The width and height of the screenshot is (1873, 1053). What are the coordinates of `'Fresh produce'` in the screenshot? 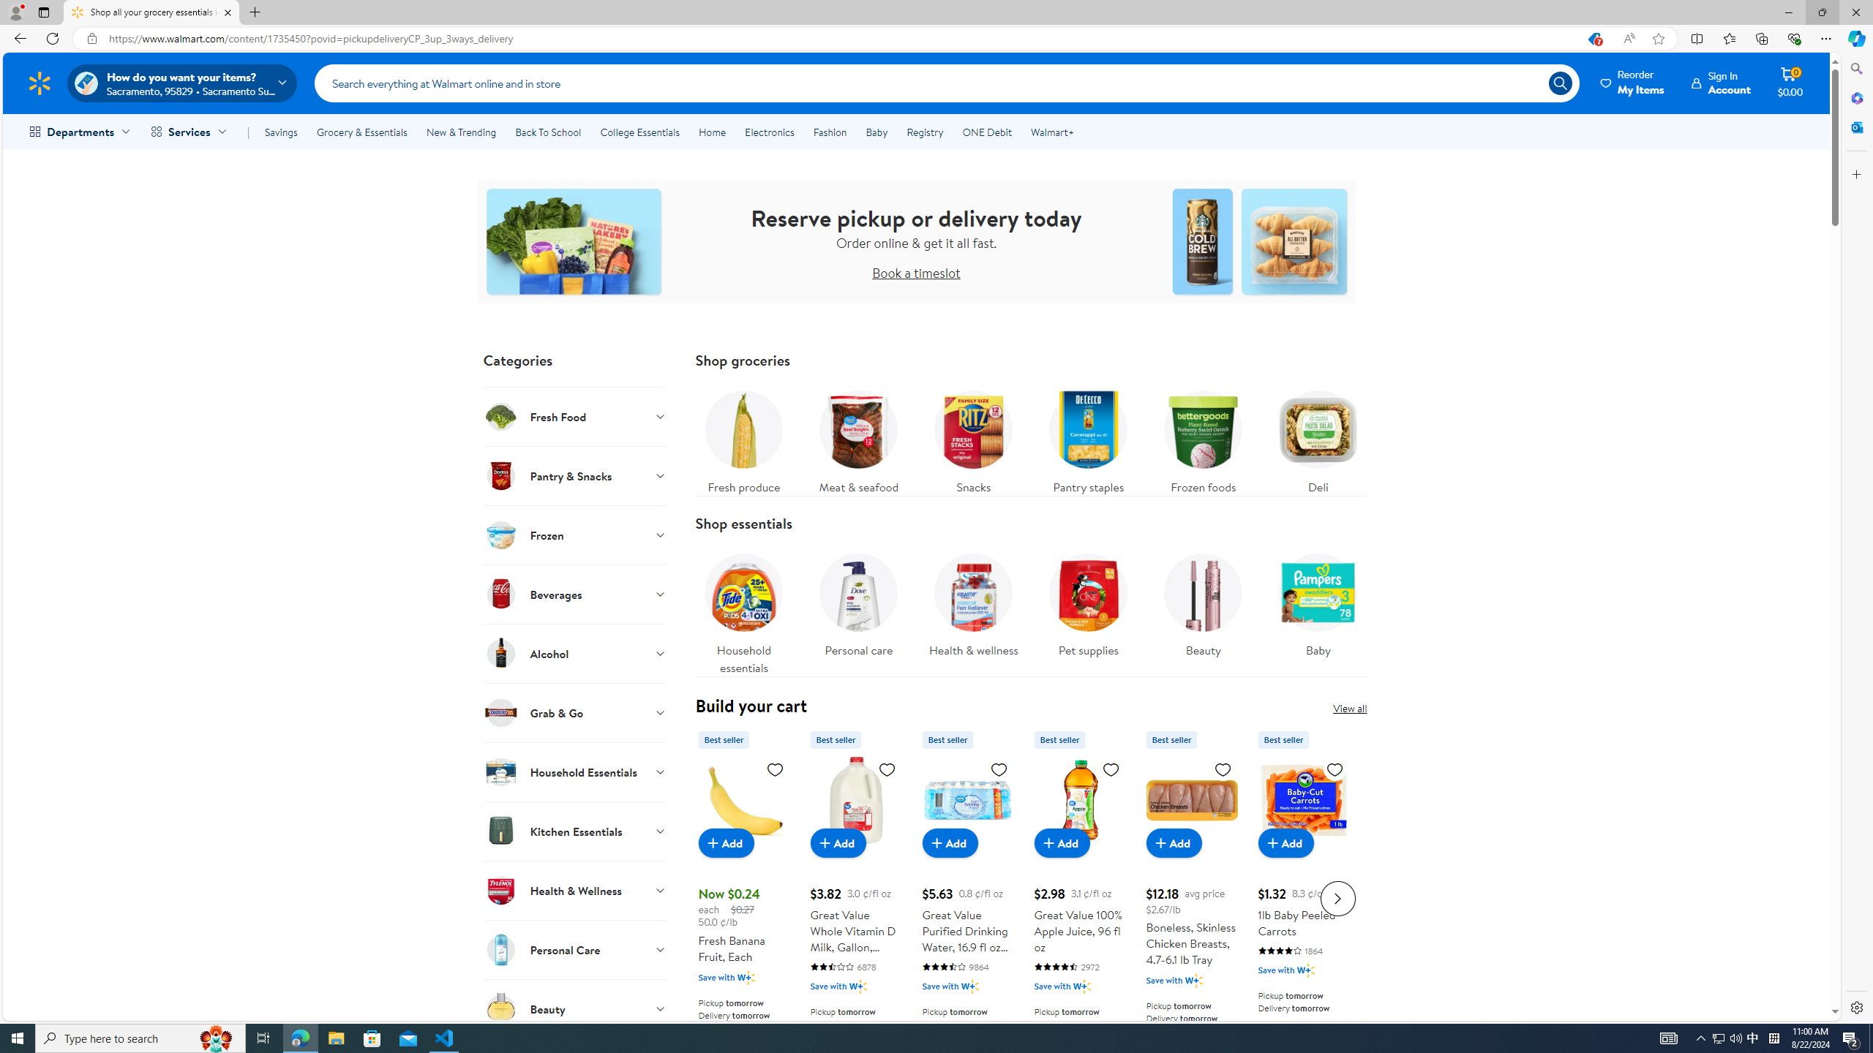 It's located at (743, 437).